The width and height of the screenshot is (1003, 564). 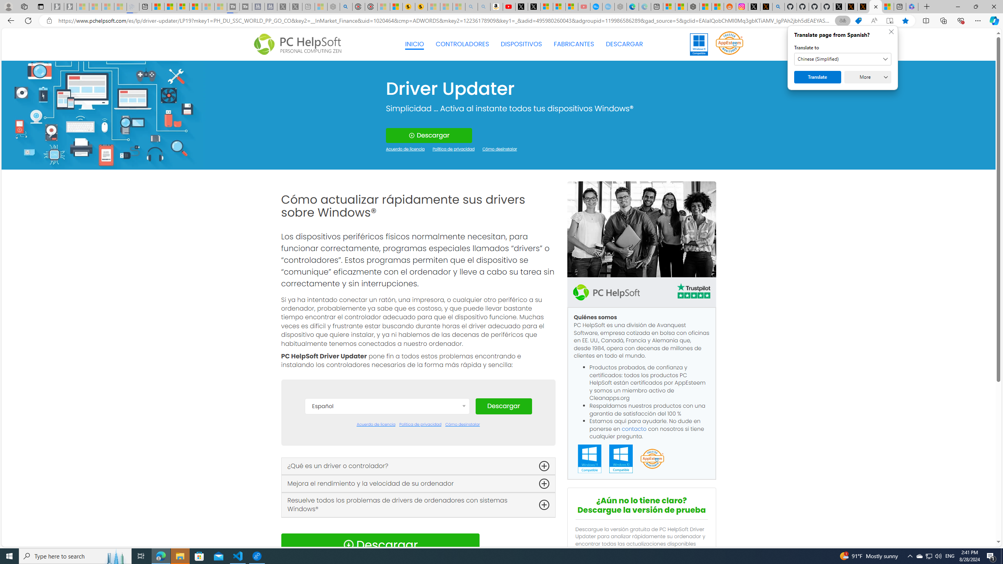 What do you see at coordinates (693, 292) in the screenshot?
I see `'TrustPilot'` at bounding box center [693, 292].